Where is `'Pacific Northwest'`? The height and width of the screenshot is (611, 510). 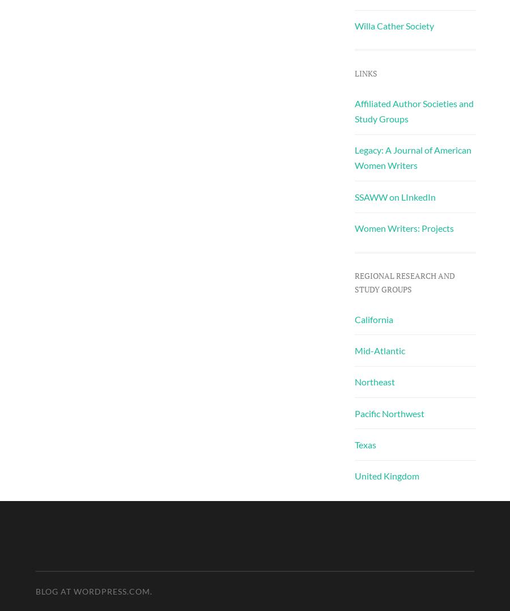 'Pacific Northwest' is located at coordinates (388, 412).